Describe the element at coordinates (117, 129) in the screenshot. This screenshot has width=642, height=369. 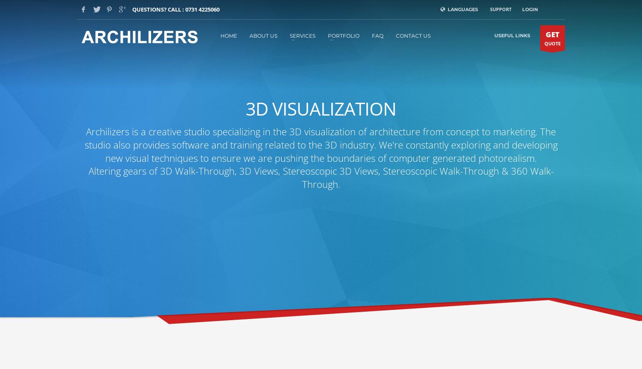
I see `'Archilizers, 3D & VR Production House.'` at that location.